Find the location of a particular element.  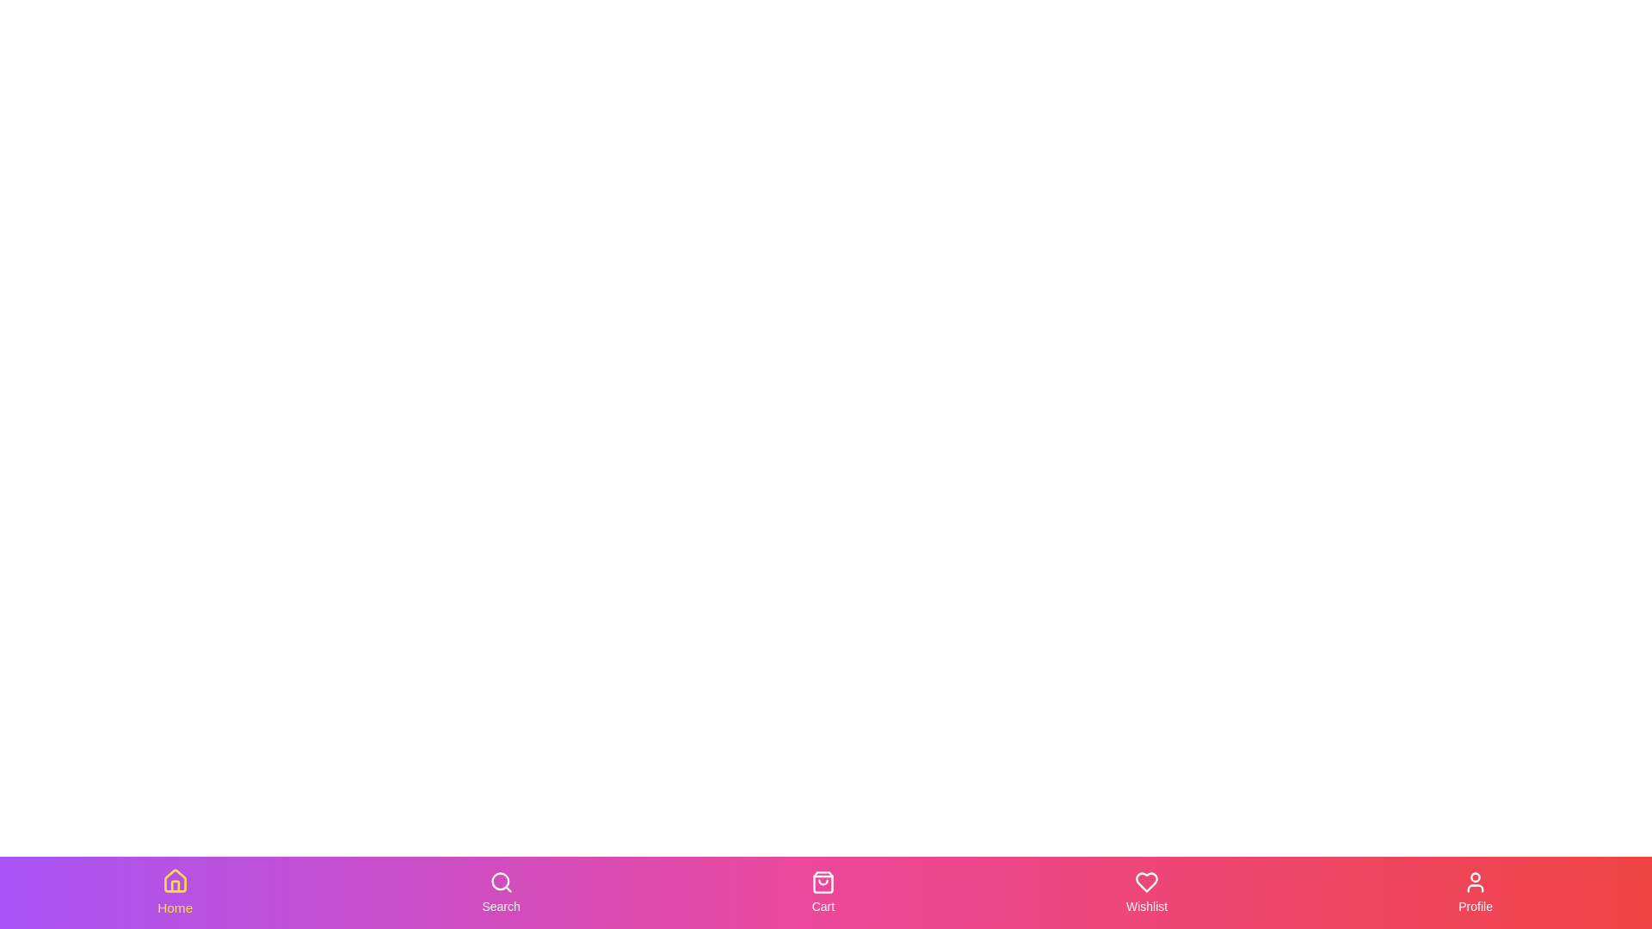

the Wishlist tab in the bottom navigation is located at coordinates (1147, 891).